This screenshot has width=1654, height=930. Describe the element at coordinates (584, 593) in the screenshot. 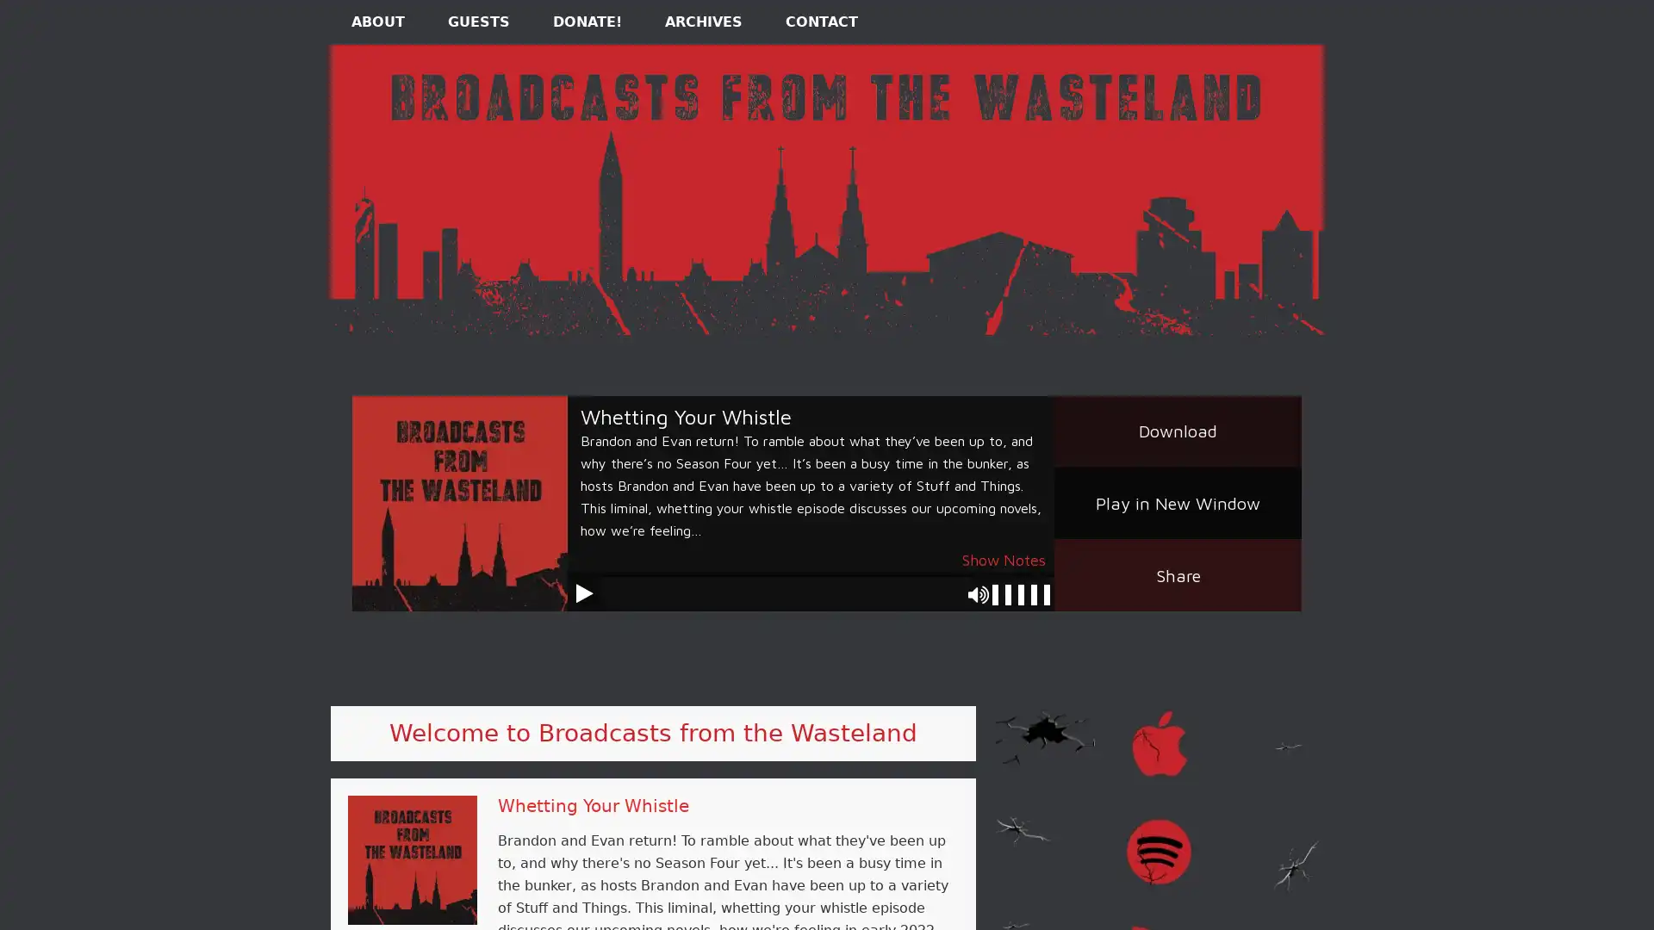

I see `Play` at that location.